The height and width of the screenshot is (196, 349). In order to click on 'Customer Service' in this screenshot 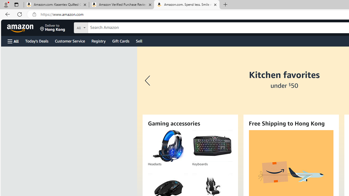, I will do `click(70, 41)`.